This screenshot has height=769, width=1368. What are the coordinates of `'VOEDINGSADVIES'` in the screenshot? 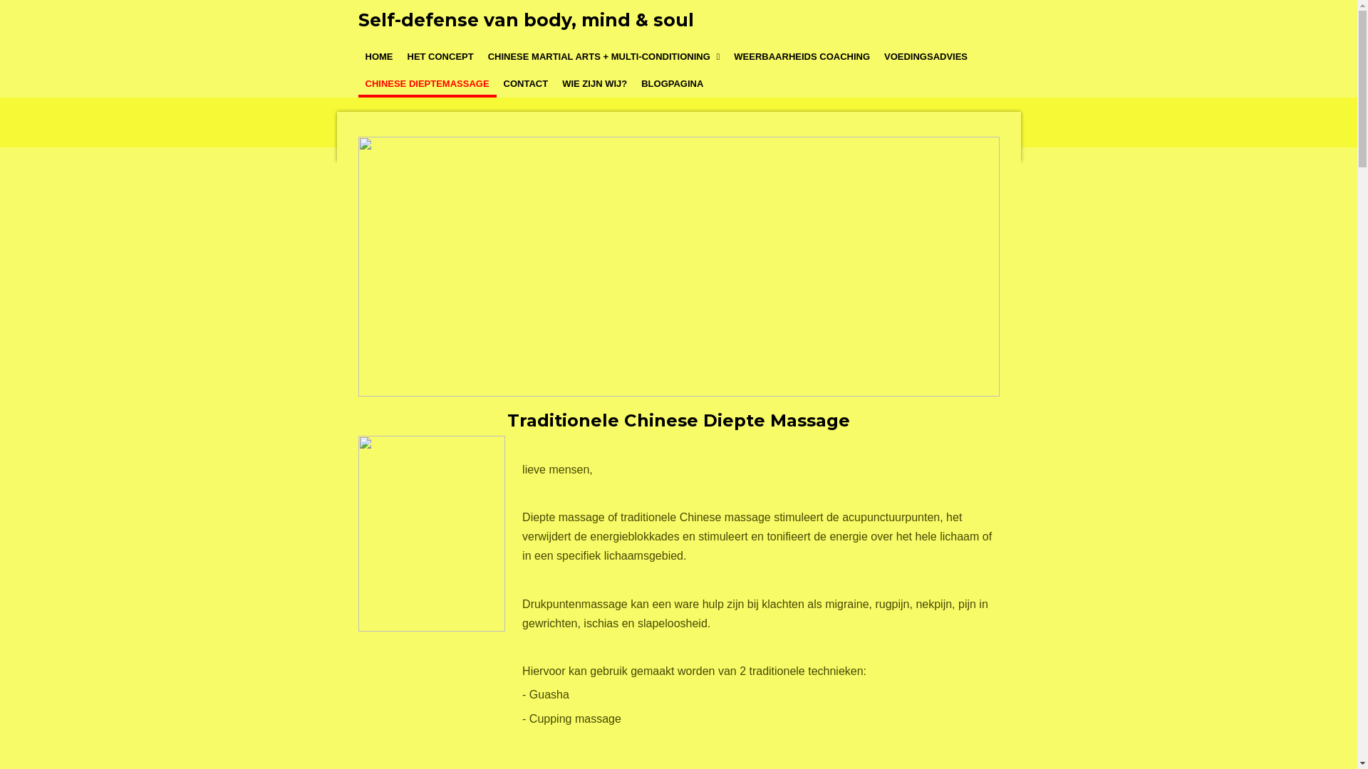 It's located at (926, 56).